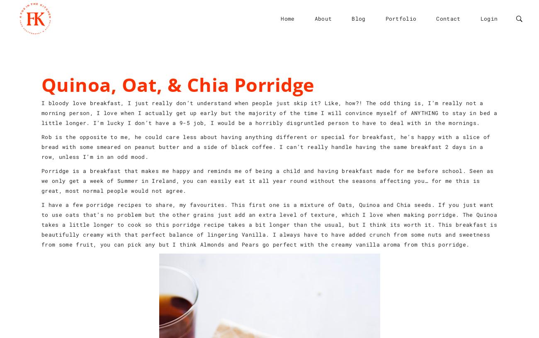 The height and width of the screenshot is (338, 539). I want to click on 'Porridge is a breakfast that makes me happy and reminds me of being a child and having breakfast made for me before school. Seen as we only get a week of Summer in Ireland, you can easily eat it all year round without the seasons affecting you… for me this is great, most normal people would not agree.', so click(267, 181).